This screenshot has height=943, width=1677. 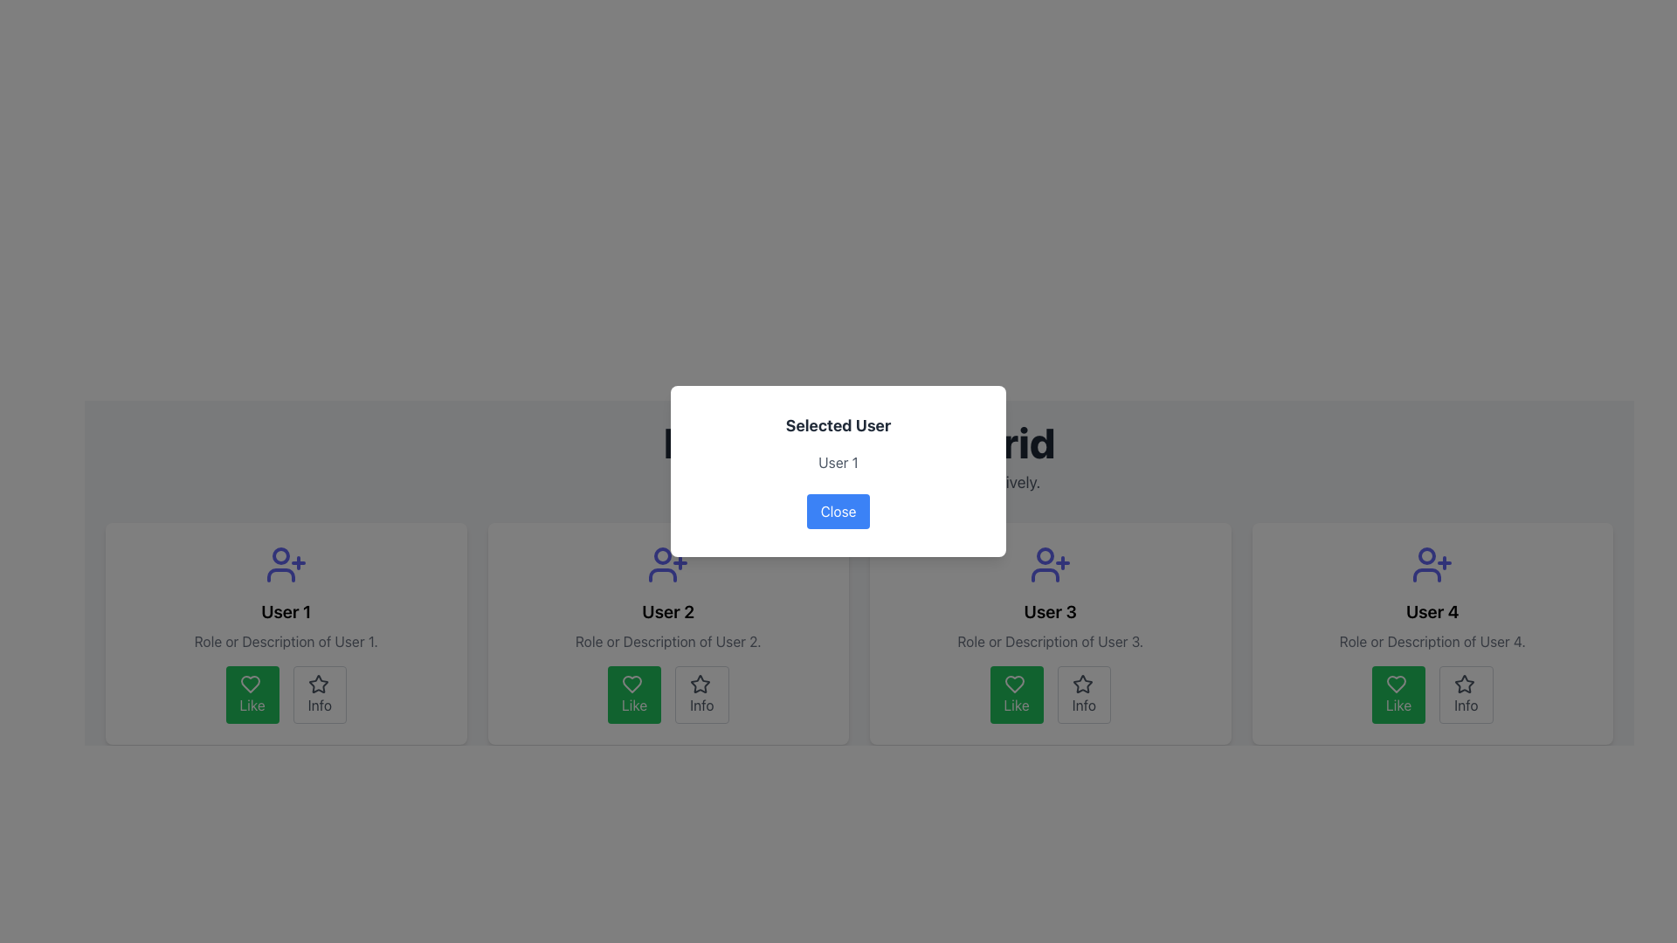 What do you see at coordinates (286, 565) in the screenshot?
I see `the addition icon located at the top-center part of the card for 'User 1', which is above the username and description text` at bounding box center [286, 565].